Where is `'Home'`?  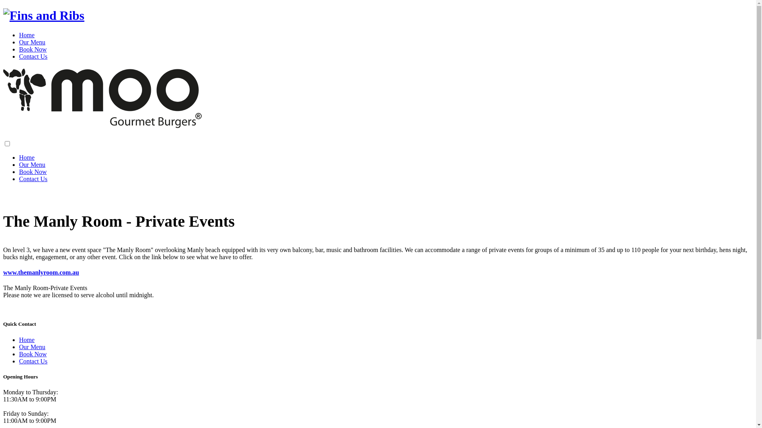 'Home' is located at coordinates (27, 34).